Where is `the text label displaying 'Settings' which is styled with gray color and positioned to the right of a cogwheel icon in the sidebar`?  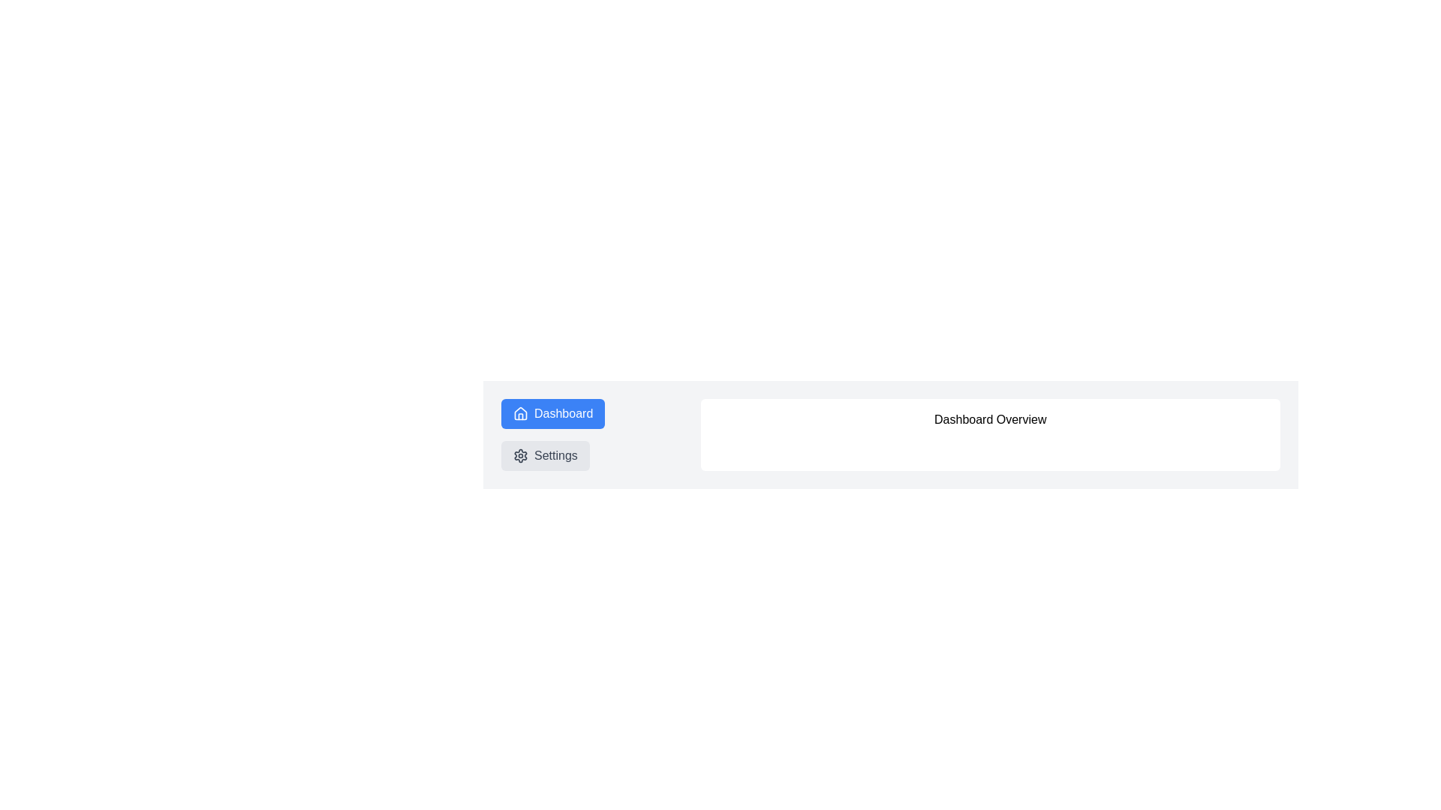
the text label displaying 'Settings' which is styled with gray color and positioned to the right of a cogwheel icon in the sidebar is located at coordinates (555, 455).